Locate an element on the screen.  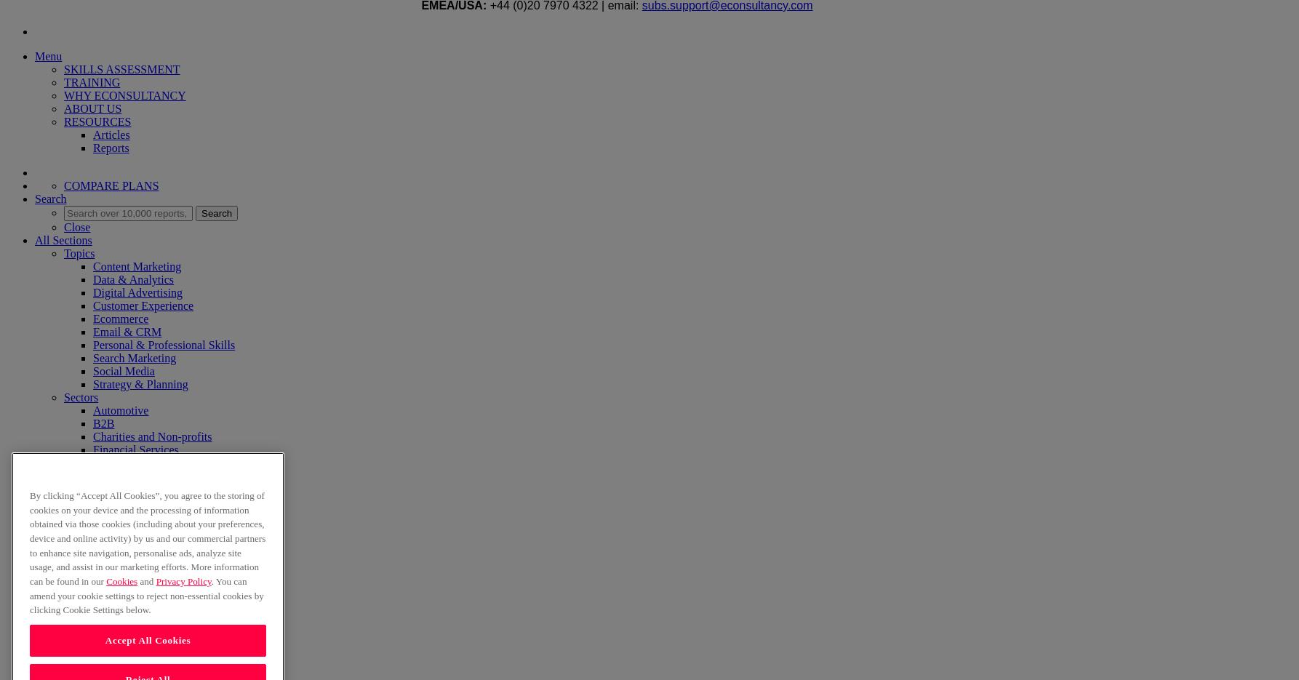
'Ecommerce' is located at coordinates (93, 318).